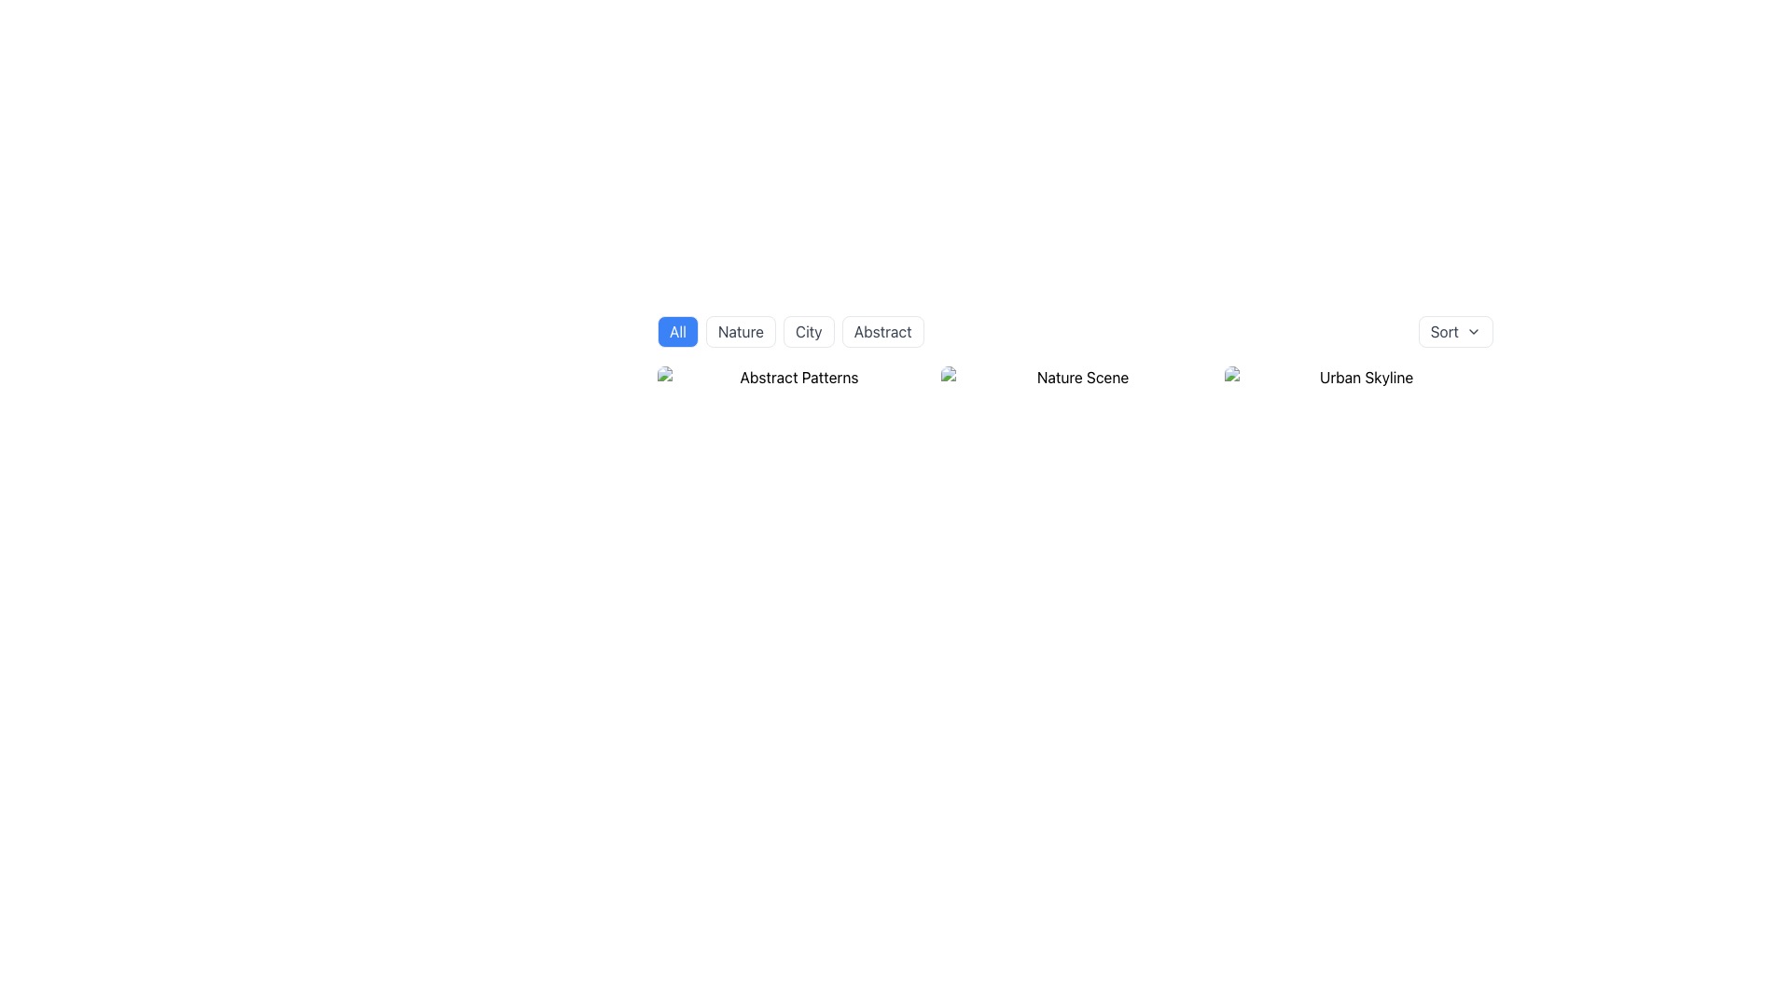 The width and height of the screenshot is (1791, 1007). Describe the element at coordinates (1075, 352) in the screenshot. I see `the Interactive filtering bar` at that location.